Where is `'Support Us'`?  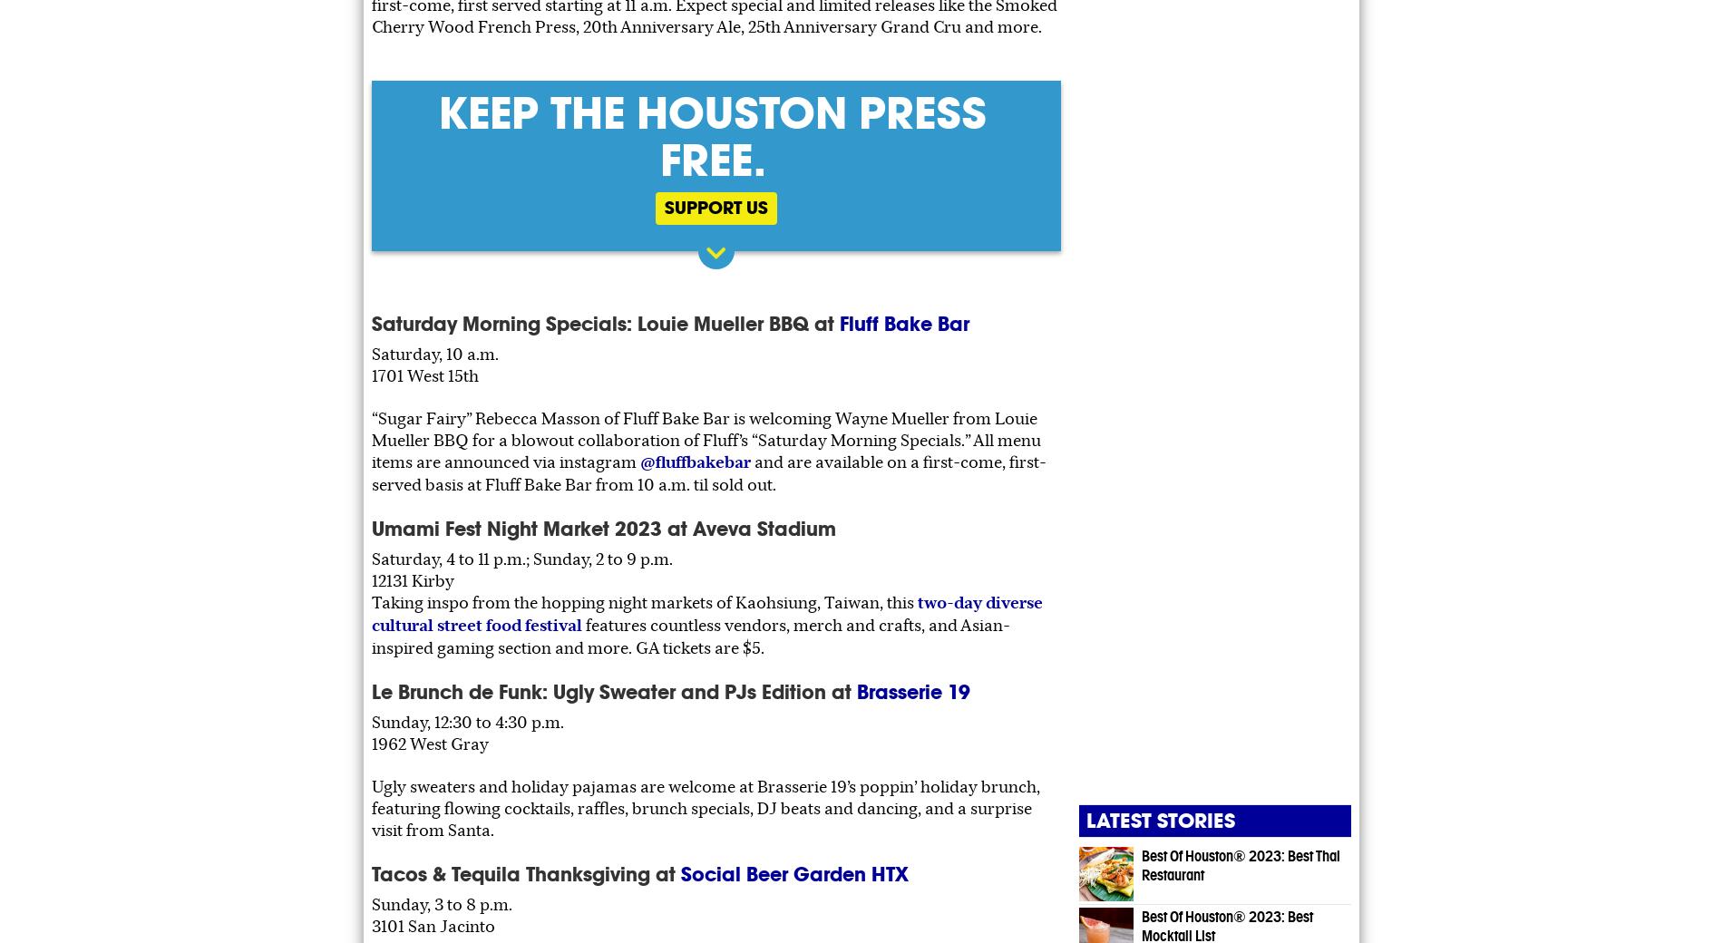 'Support Us' is located at coordinates (715, 208).